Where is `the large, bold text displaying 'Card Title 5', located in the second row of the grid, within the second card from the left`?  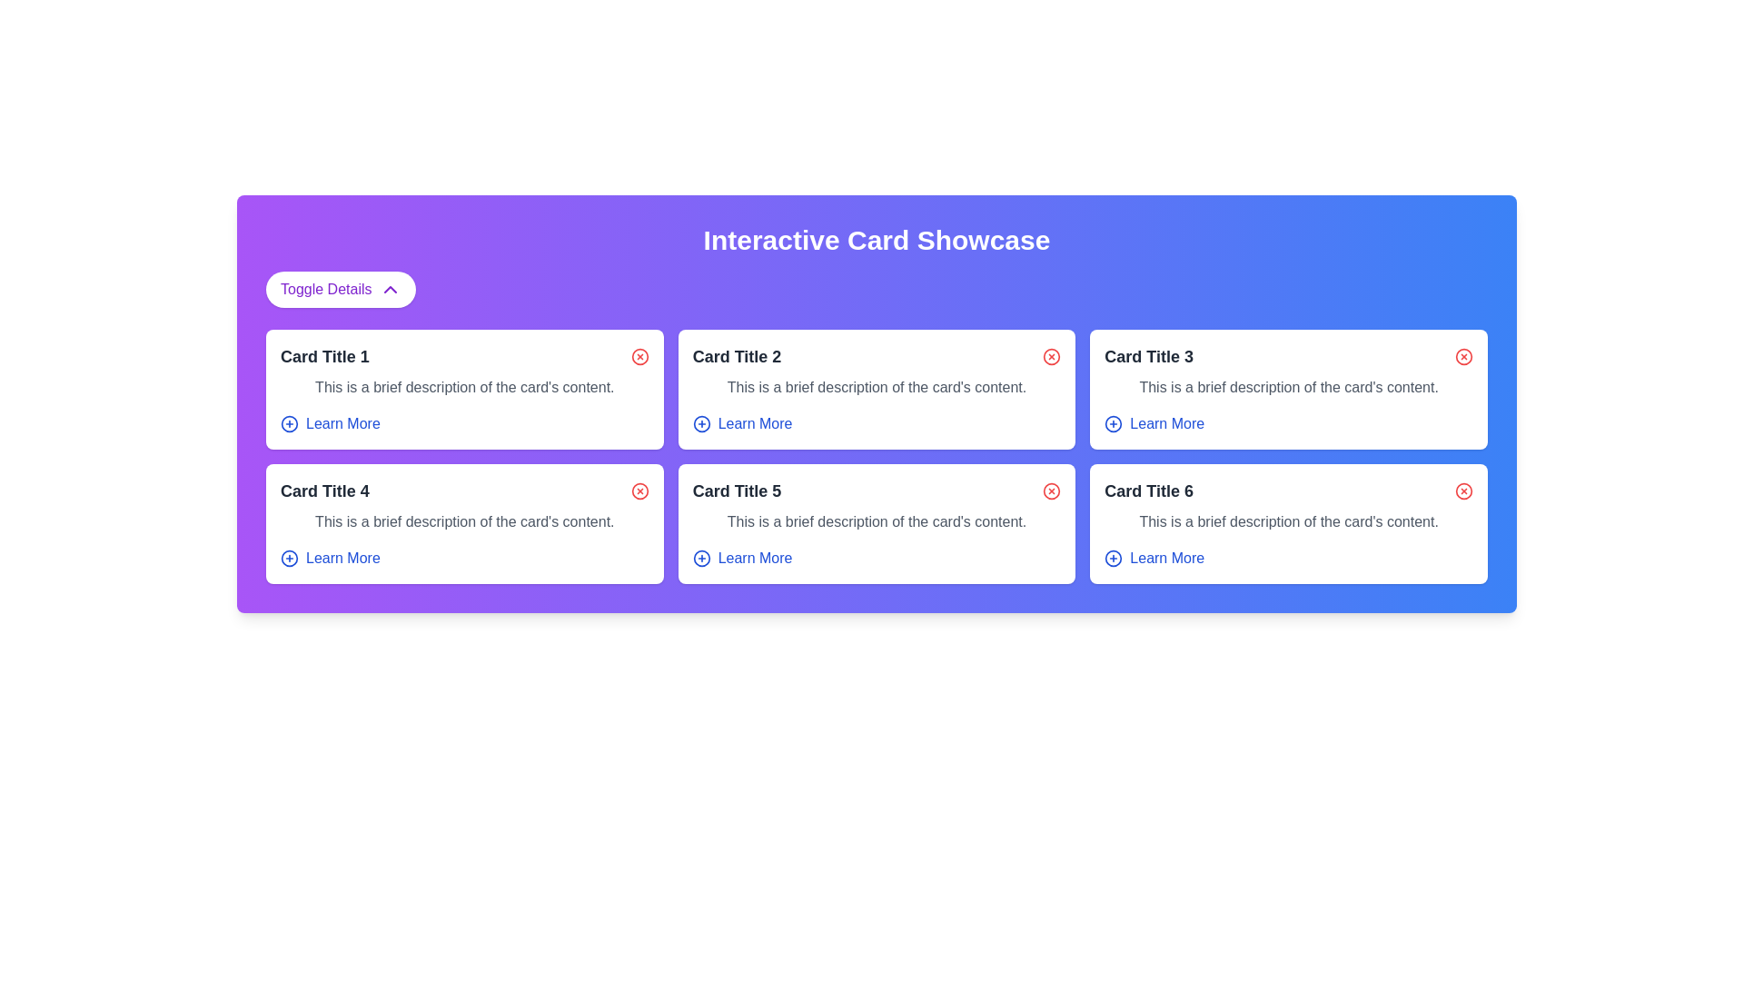
the large, bold text displaying 'Card Title 5', located in the second row of the grid, within the second card from the left is located at coordinates (737, 490).